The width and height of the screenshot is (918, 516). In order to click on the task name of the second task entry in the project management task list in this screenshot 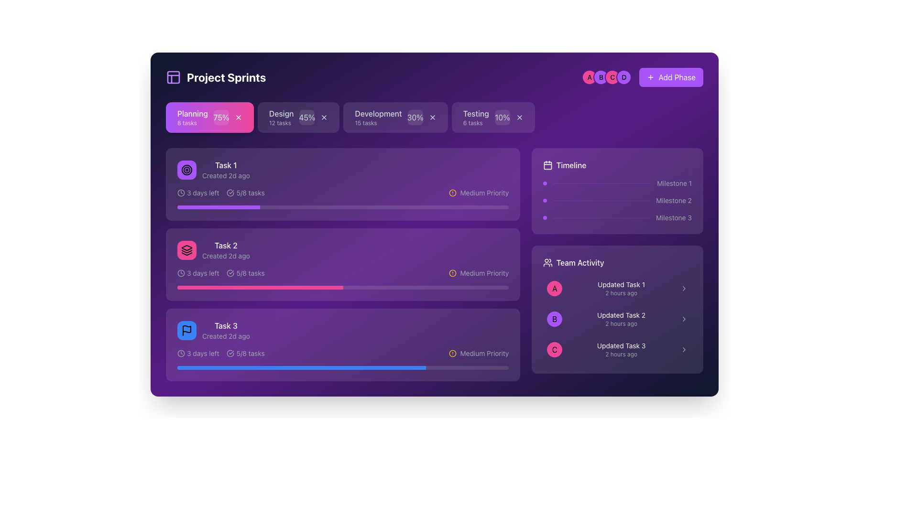, I will do `click(213, 250)`.